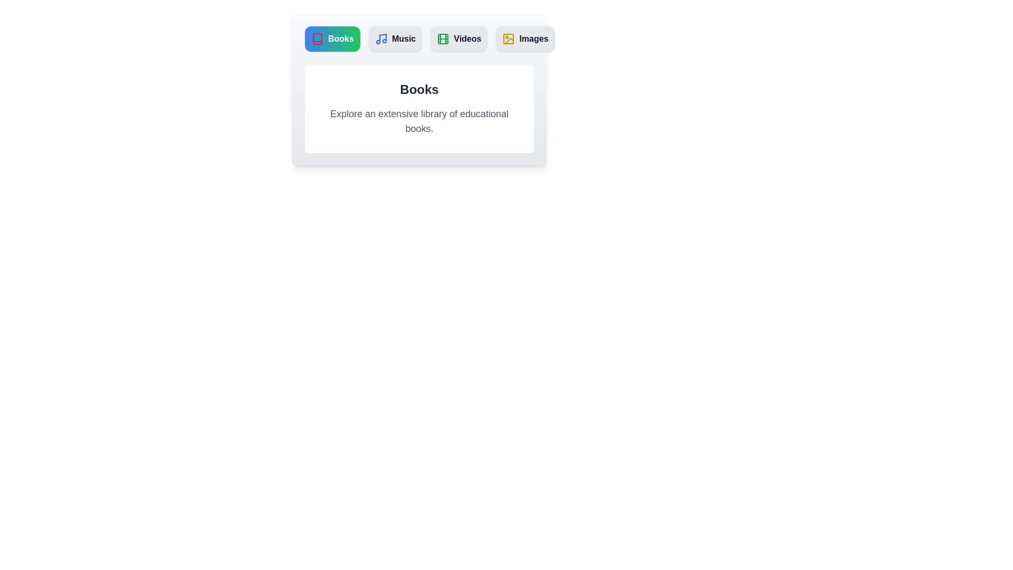 This screenshot has width=1013, height=570. What do you see at coordinates (395, 38) in the screenshot?
I see `the Music tab to view its content` at bounding box center [395, 38].